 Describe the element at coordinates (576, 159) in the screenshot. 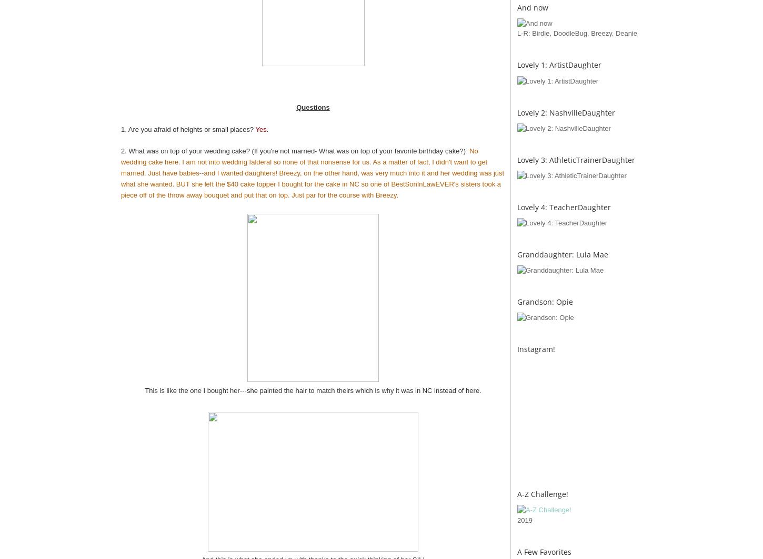

I see `'Lovely 3: AthleticTrainerDaughter'` at that location.